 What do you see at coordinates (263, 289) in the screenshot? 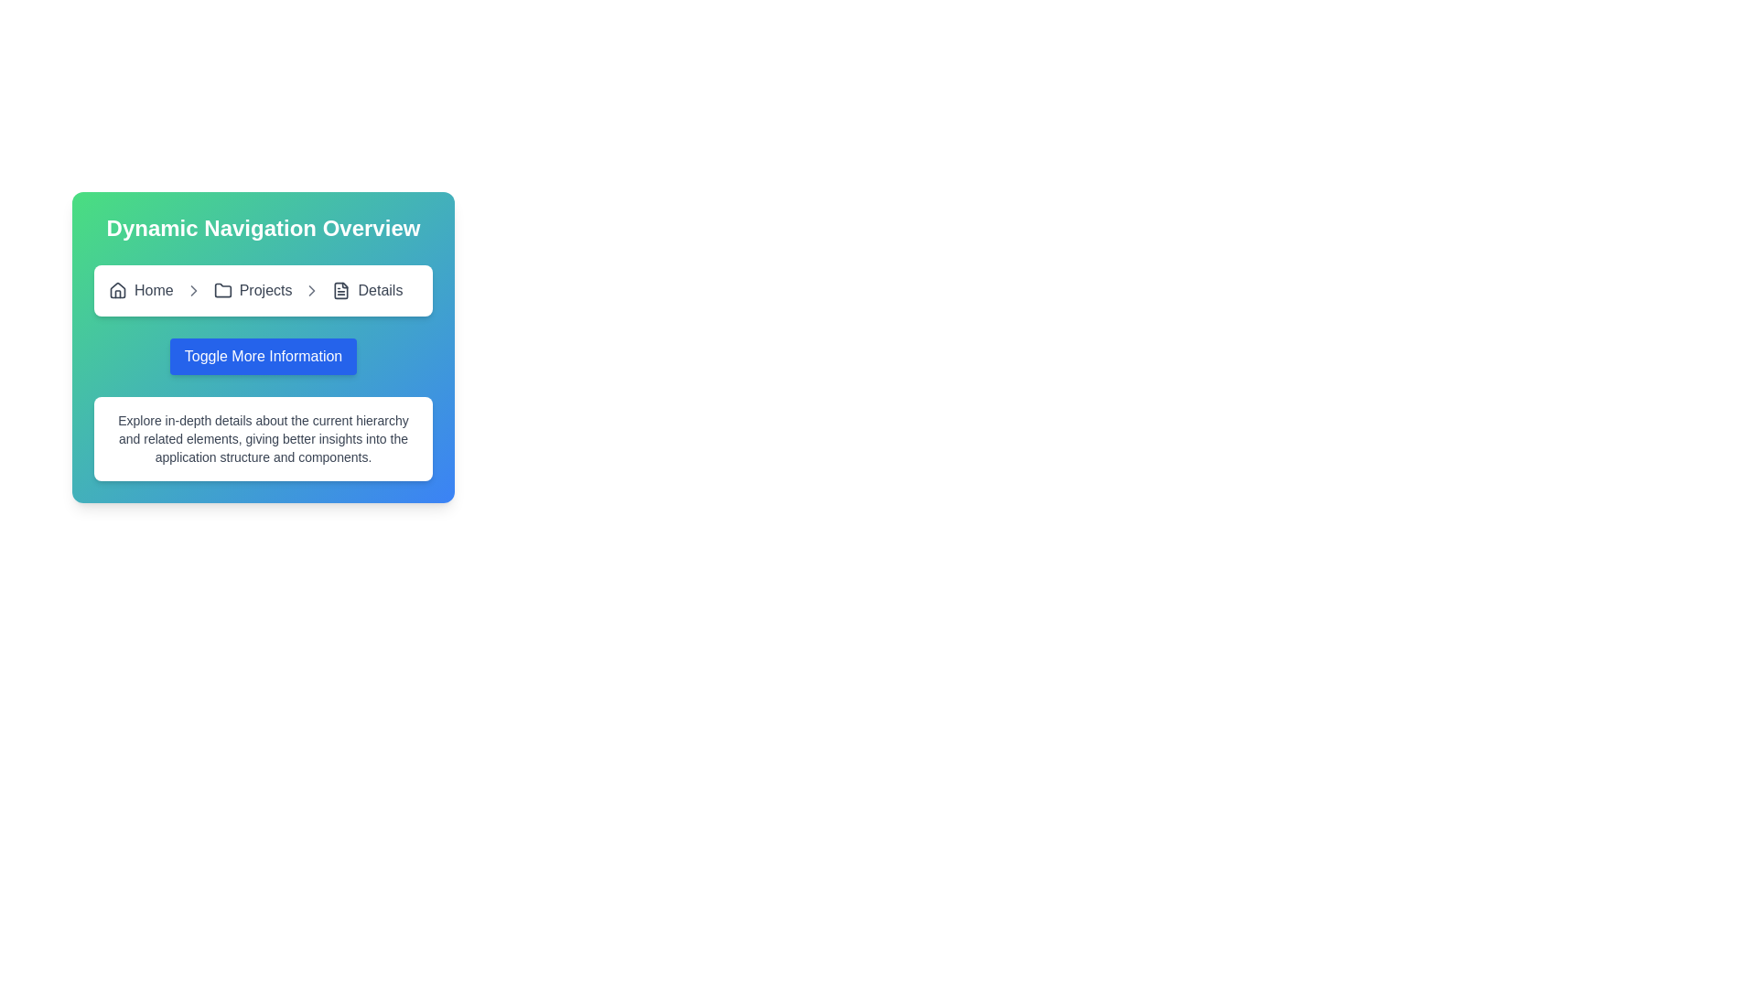
I see `the individual breadcrumb links in the breadcrumb navigation bar located below the heading 'Dynamic Navigation Overview'` at bounding box center [263, 289].